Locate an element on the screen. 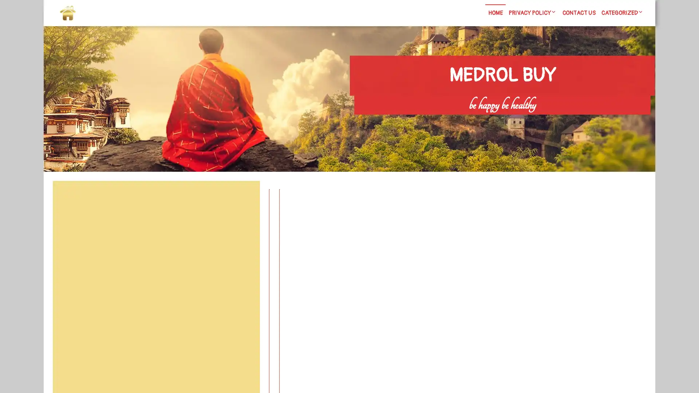 Image resolution: width=699 pixels, height=393 pixels. Search is located at coordinates (243, 198).